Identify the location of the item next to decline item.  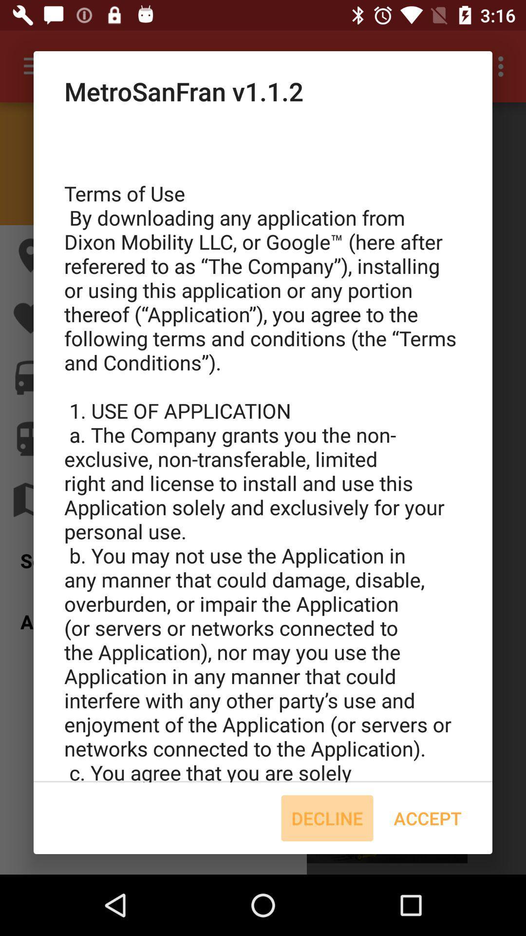
(427, 818).